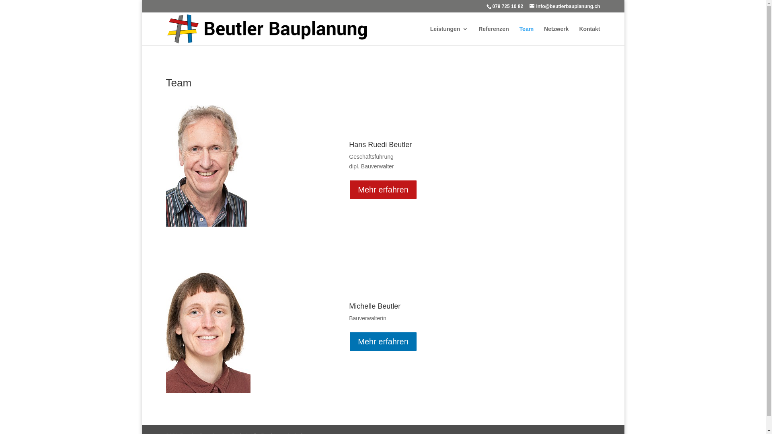 This screenshot has height=434, width=772. What do you see at coordinates (383, 189) in the screenshot?
I see `'Mehr erfahren'` at bounding box center [383, 189].